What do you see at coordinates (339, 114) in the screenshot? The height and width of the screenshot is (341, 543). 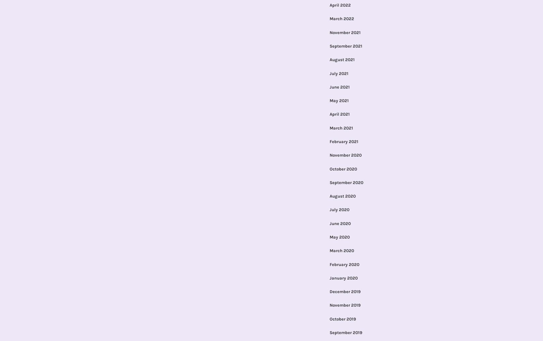 I see `'April 2021'` at bounding box center [339, 114].